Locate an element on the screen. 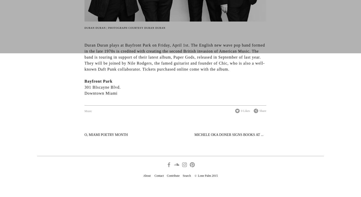 The image size is (361, 197). 'Contact' is located at coordinates (159, 176).